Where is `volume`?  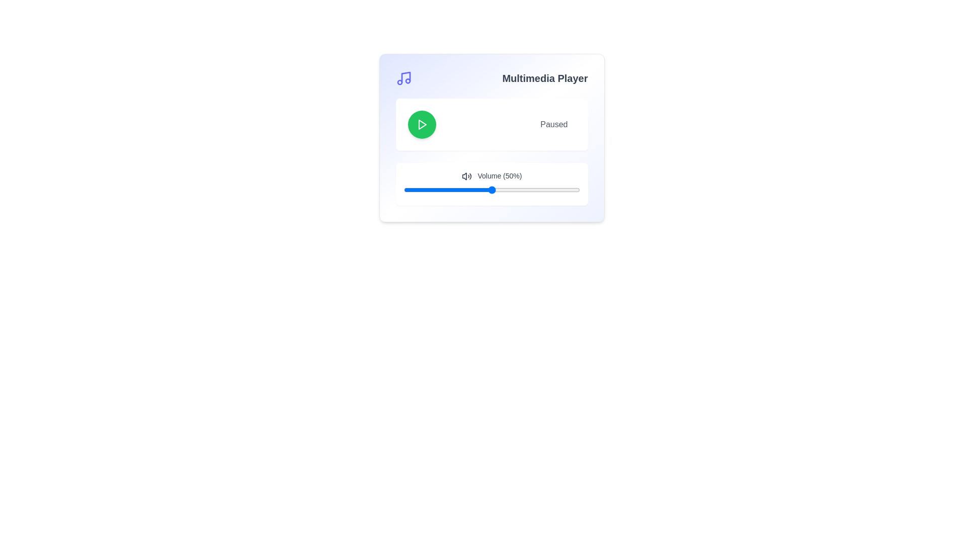 volume is located at coordinates (488, 190).